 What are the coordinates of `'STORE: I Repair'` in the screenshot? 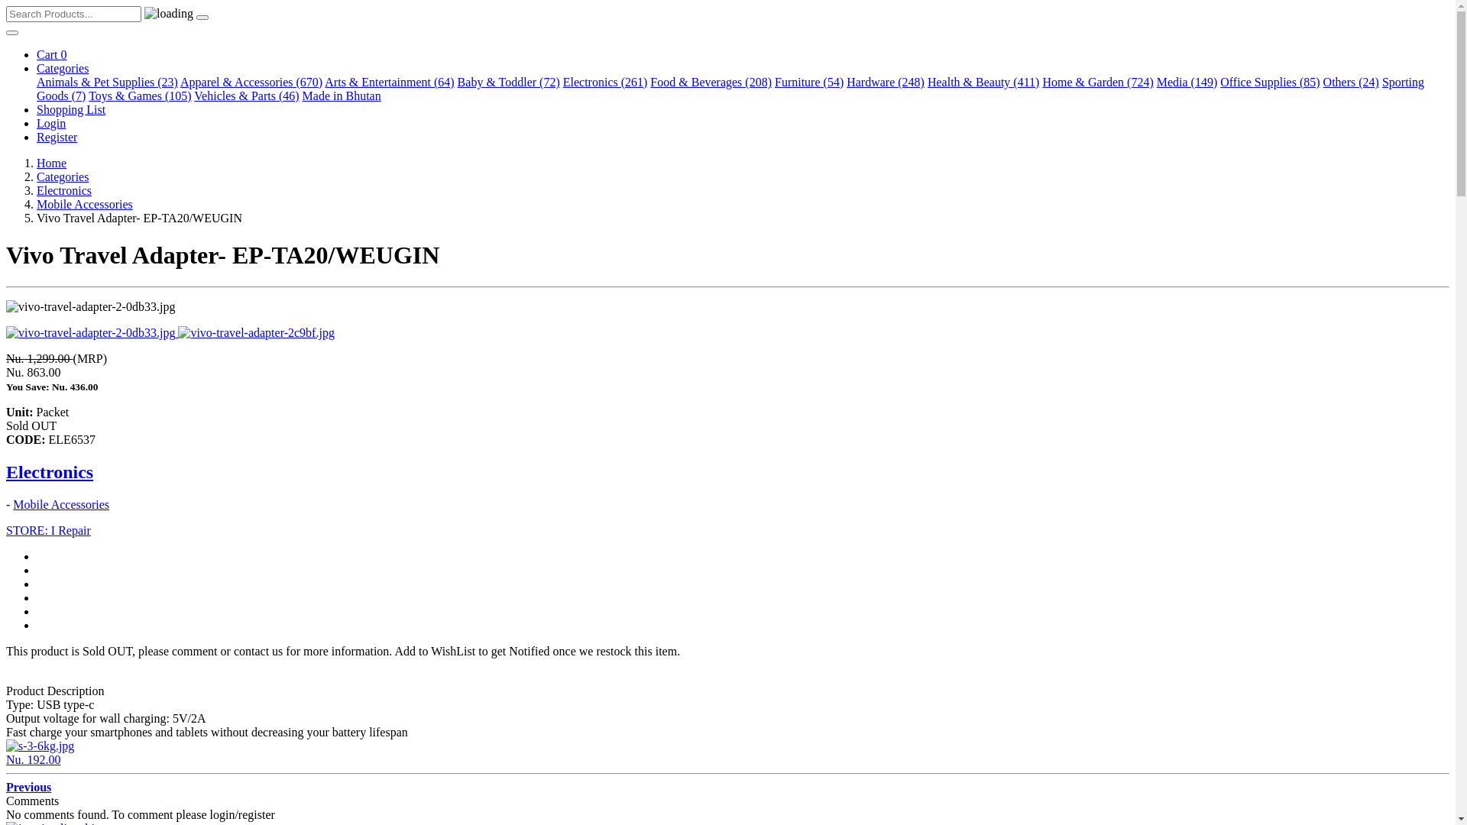 It's located at (48, 529).